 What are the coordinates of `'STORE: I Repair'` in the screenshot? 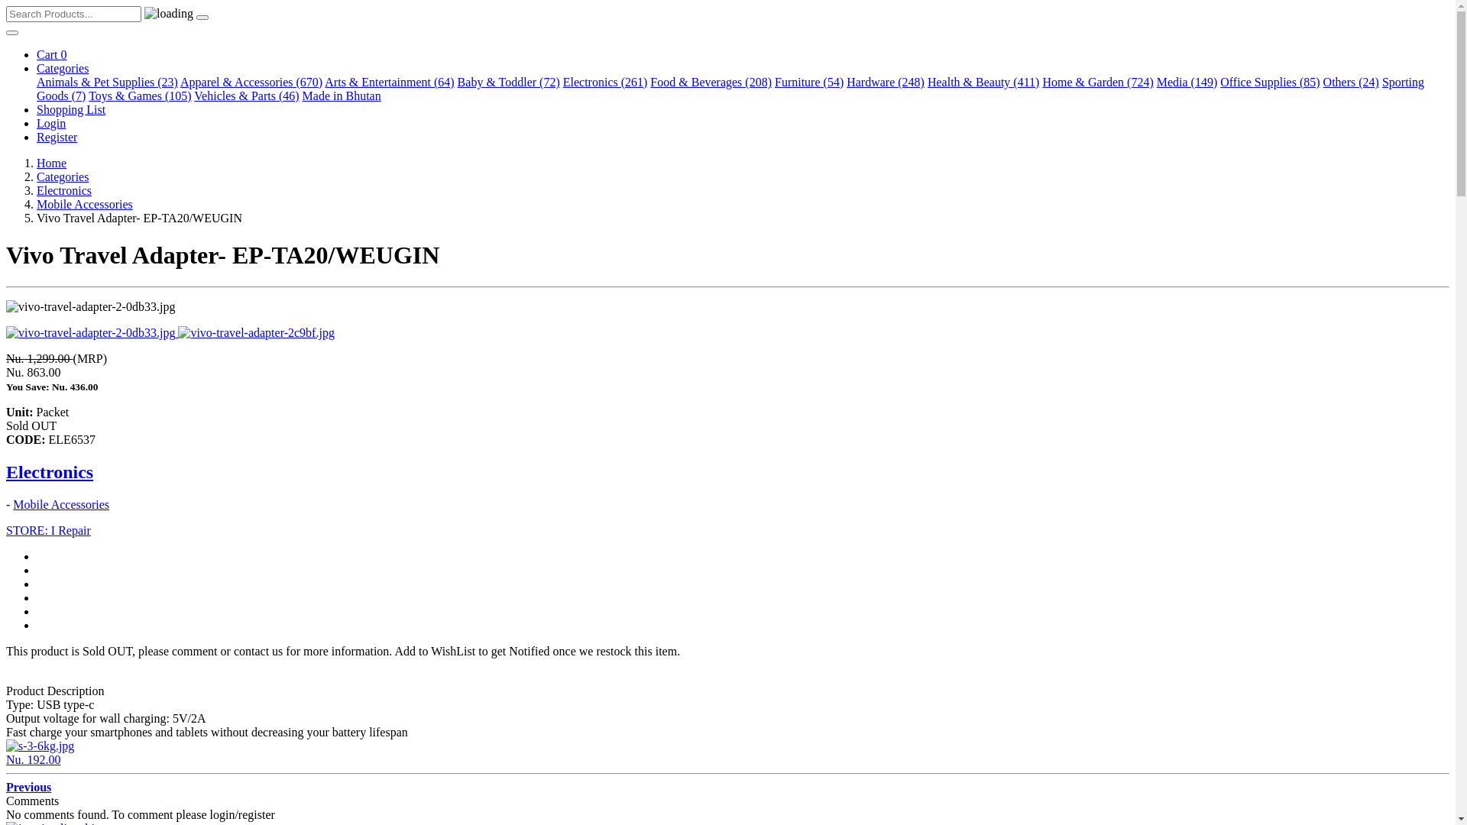 It's located at (48, 529).